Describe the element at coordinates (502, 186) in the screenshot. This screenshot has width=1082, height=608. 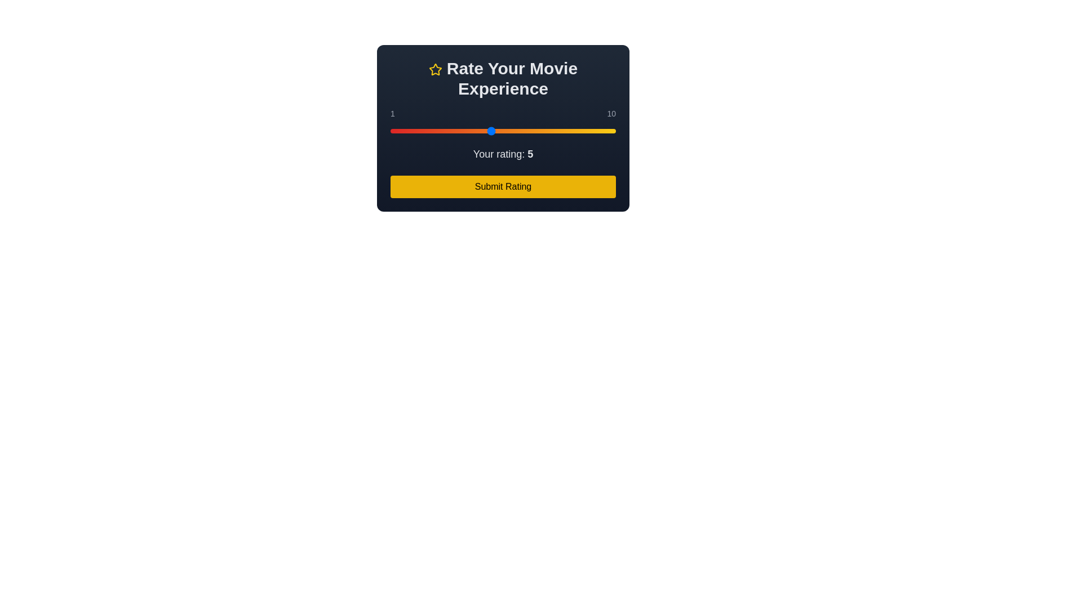
I see `'Submit Rating' button to submit the movie rating` at that location.